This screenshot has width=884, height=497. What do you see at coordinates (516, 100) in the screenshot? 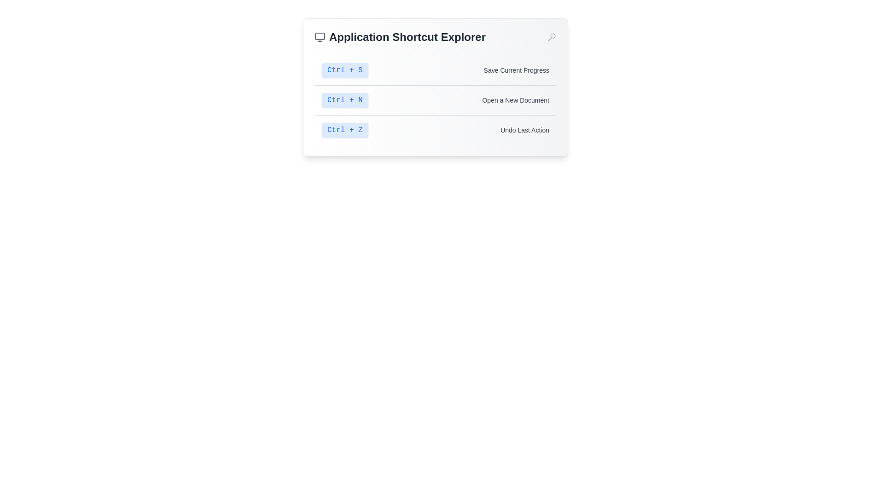
I see `the descriptive text label for the shortcut command 'Ctrl + N'` at bounding box center [516, 100].